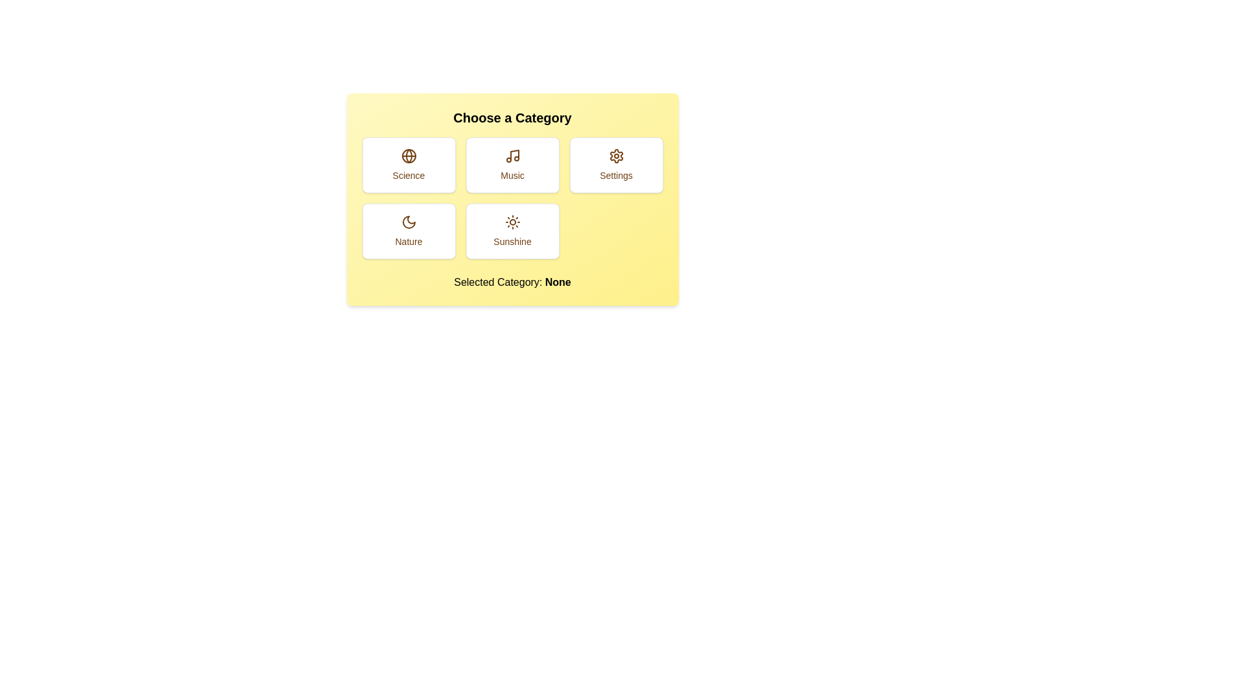  What do you see at coordinates (408, 222) in the screenshot?
I see `the design of the 'Nature' category icon located in the bottom-left button of the category selection panel` at bounding box center [408, 222].